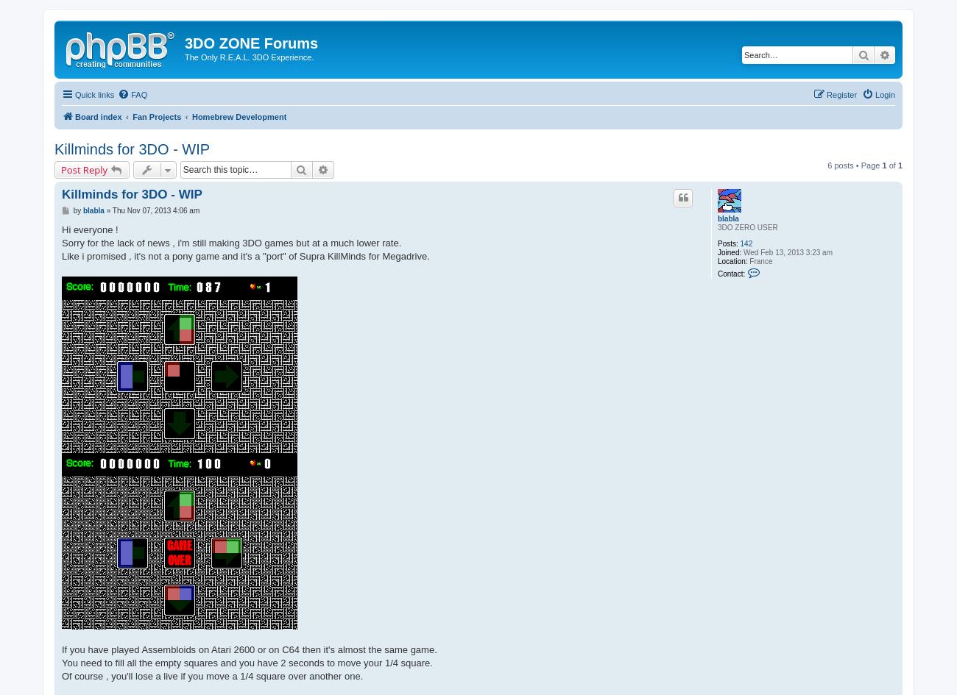  What do you see at coordinates (786, 252) in the screenshot?
I see `'Wed Feb 13, 2013 3:23 am'` at bounding box center [786, 252].